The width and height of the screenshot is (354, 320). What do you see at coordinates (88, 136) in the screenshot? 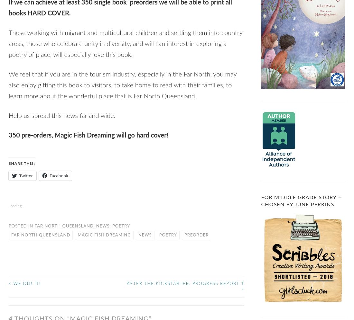
I see `'350 pre-orders, Magic Fish Dreaming will go hard cover!'` at bounding box center [88, 136].